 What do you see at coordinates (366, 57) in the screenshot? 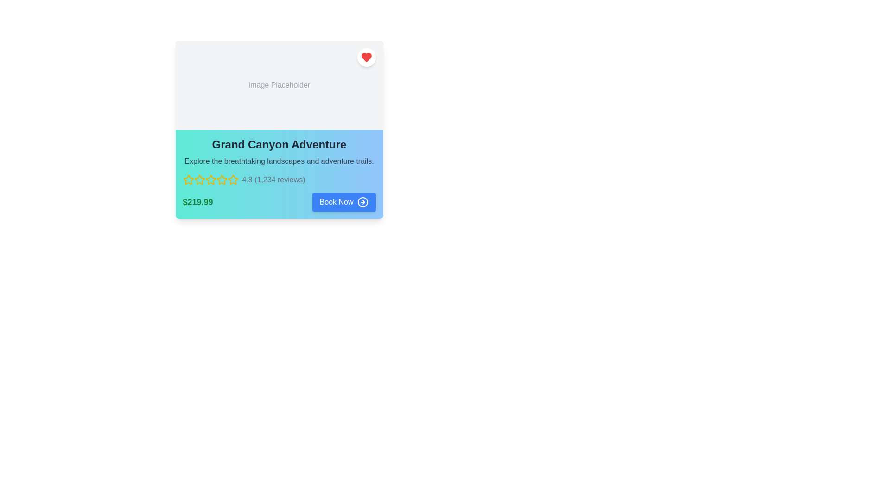
I see `the heart-shaped icon within the circular button to mark it as favorite` at bounding box center [366, 57].